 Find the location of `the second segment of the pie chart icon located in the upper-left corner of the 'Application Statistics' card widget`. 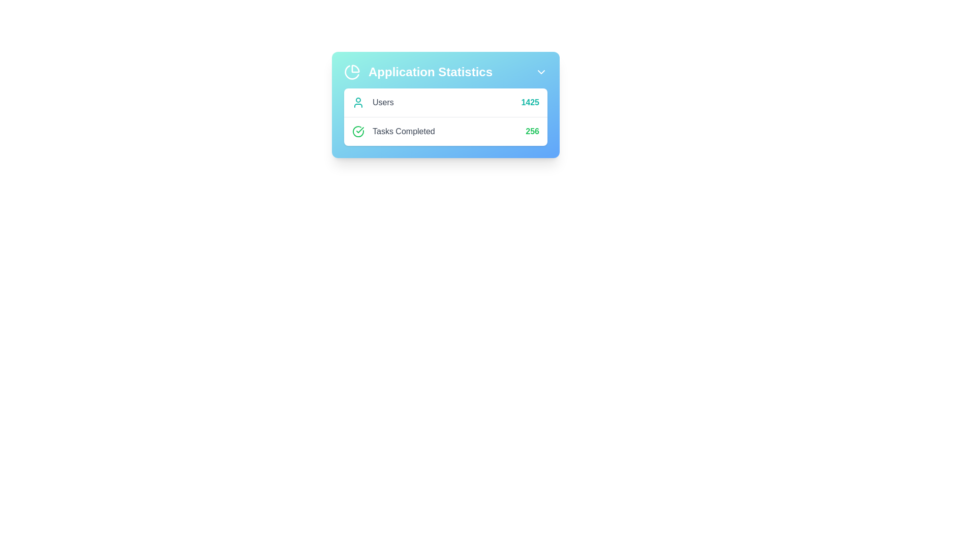

the second segment of the pie chart icon located in the upper-left corner of the 'Application Statistics' card widget is located at coordinates (352, 72).